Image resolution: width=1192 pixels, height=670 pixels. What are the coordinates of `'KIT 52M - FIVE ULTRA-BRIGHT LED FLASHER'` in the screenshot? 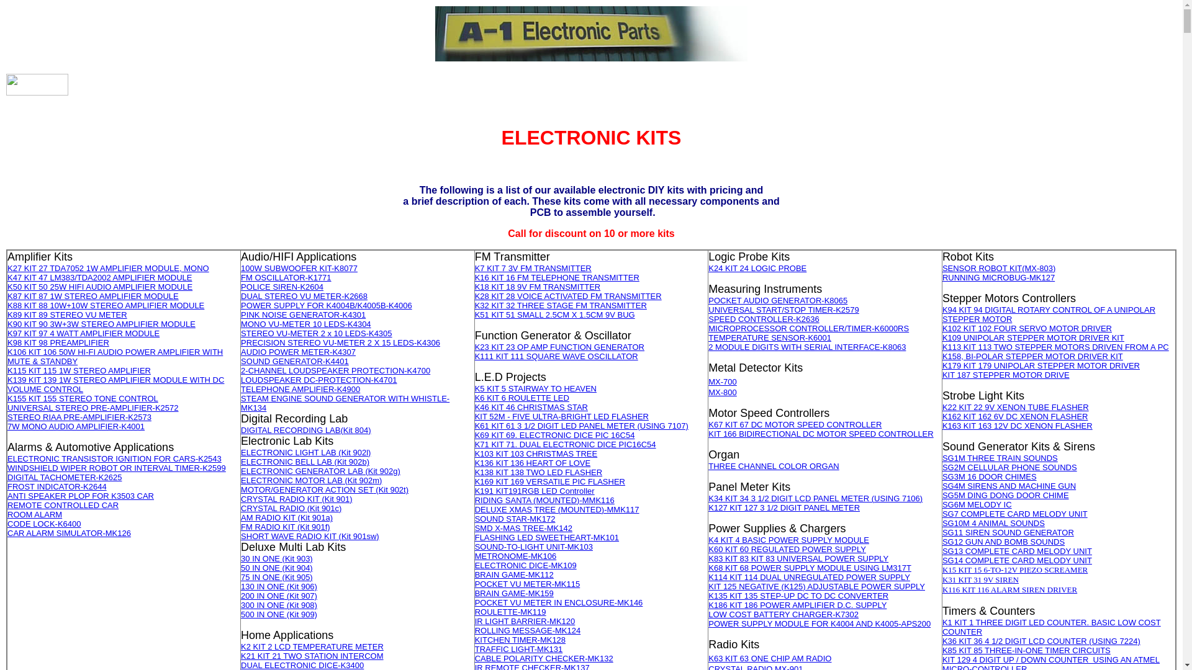 It's located at (561, 416).